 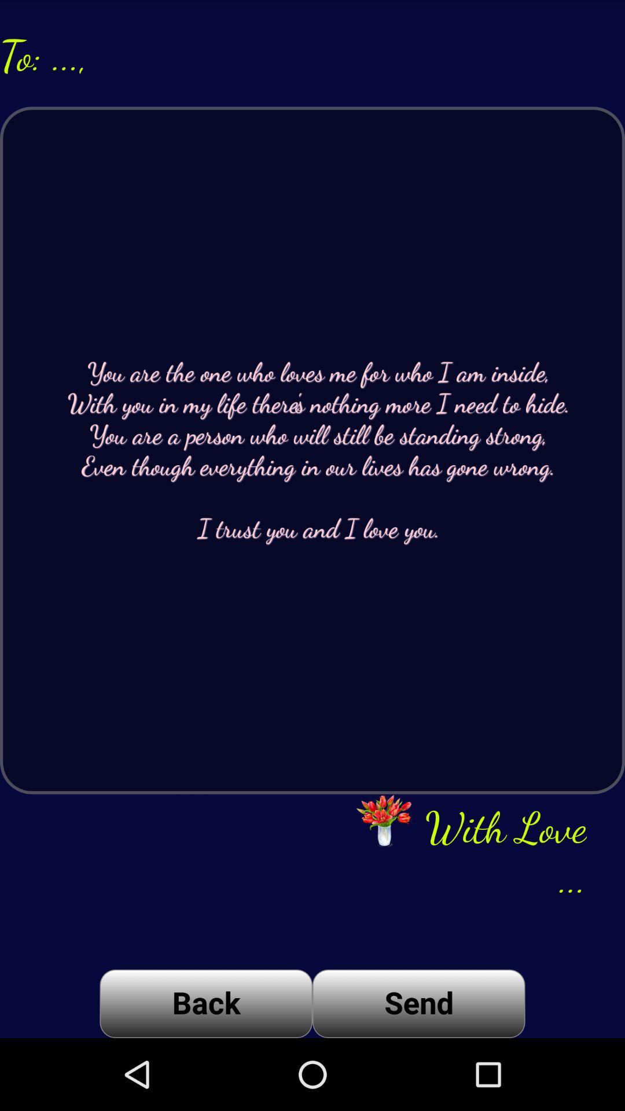 What do you see at coordinates (205, 1003) in the screenshot?
I see `the back` at bounding box center [205, 1003].